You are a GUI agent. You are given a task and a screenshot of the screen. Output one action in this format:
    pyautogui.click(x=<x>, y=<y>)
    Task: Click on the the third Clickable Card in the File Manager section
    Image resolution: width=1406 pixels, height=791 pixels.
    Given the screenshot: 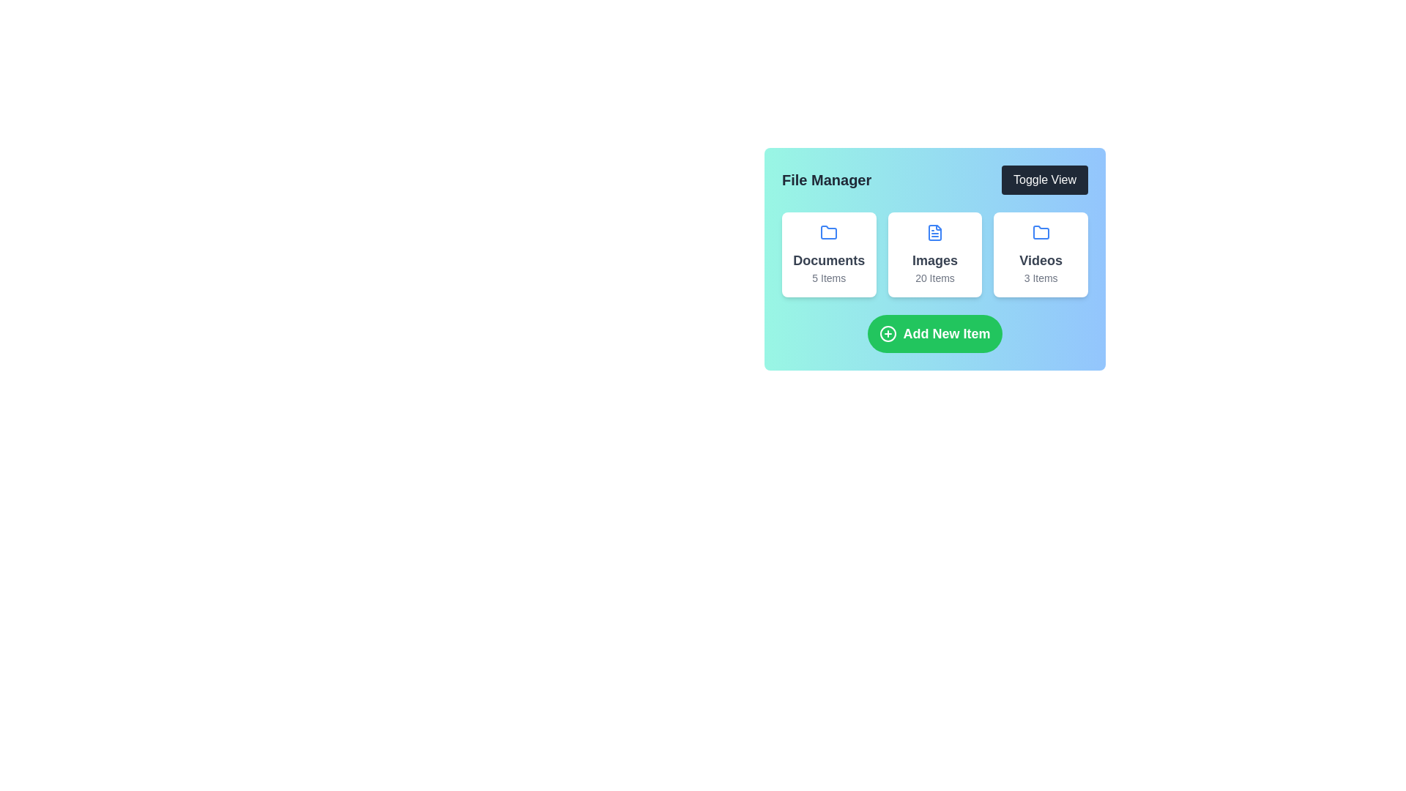 What is the action you would take?
    pyautogui.click(x=1040, y=253)
    